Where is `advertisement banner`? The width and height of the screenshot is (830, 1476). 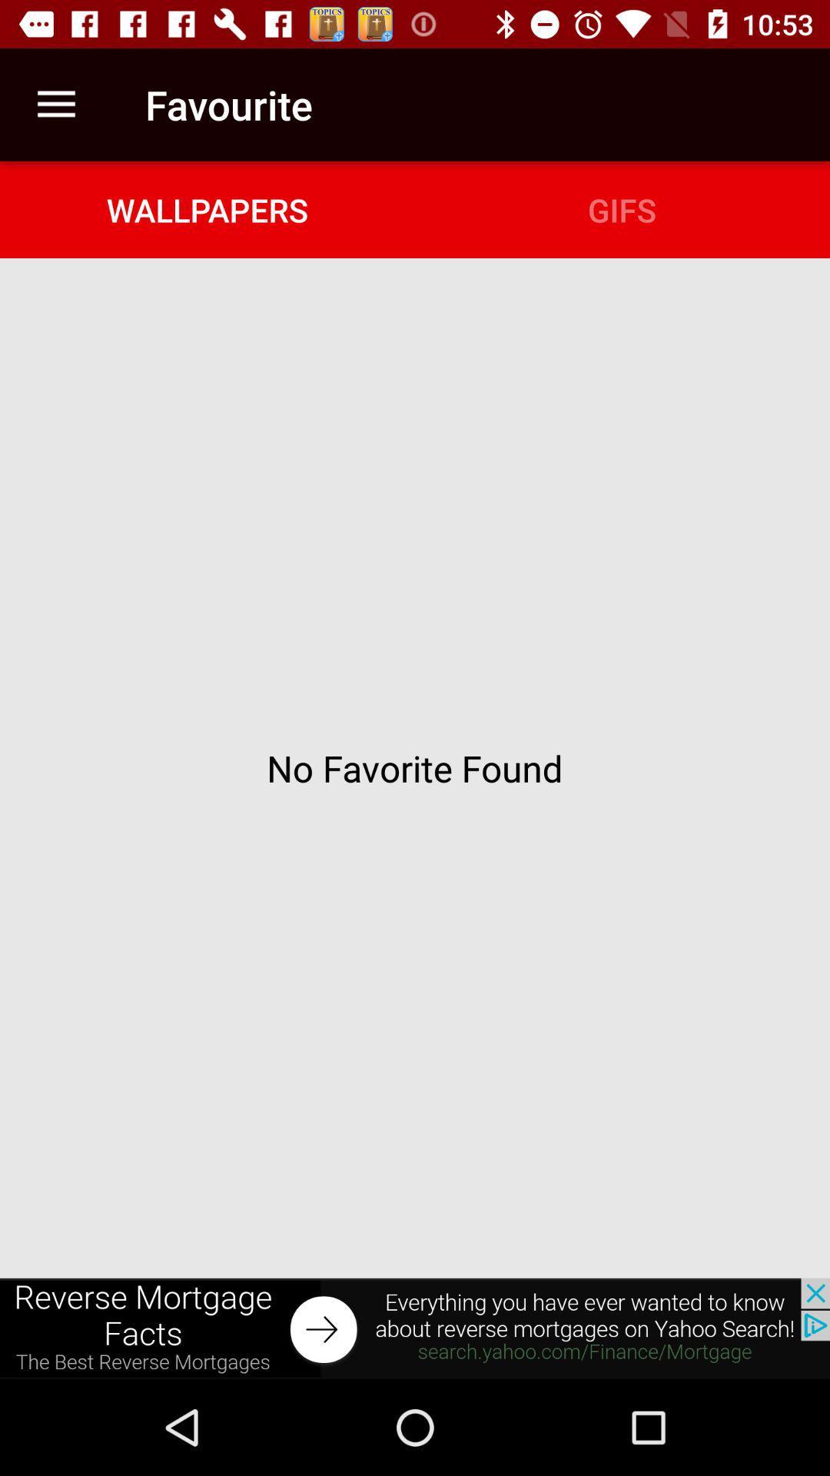 advertisement banner is located at coordinates (415, 1328).